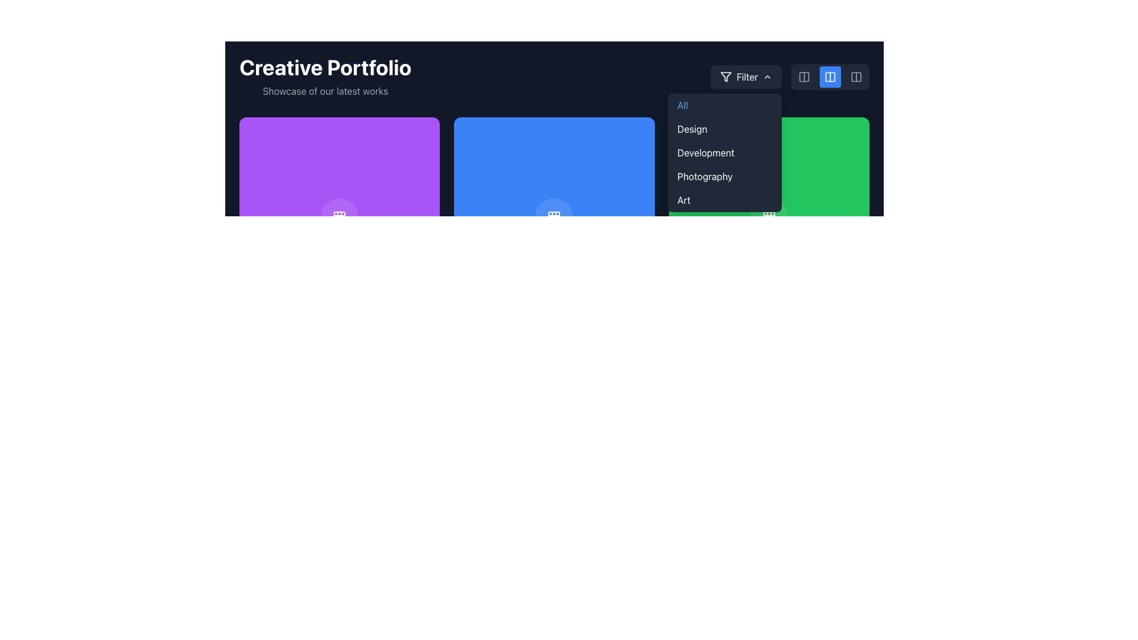 This screenshot has height=640, width=1138. Describe the element at coordinates (724, 152) in the screenshot. I see `the 'Development' menu item in the dropdown` at that location.